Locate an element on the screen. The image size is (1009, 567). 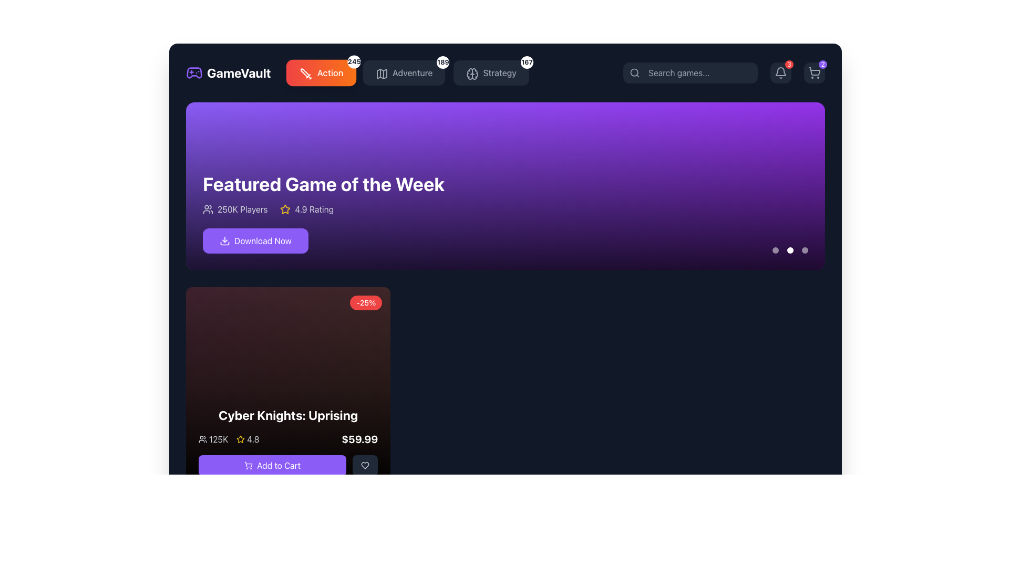
the category represented is located at coordinates (382, 73).